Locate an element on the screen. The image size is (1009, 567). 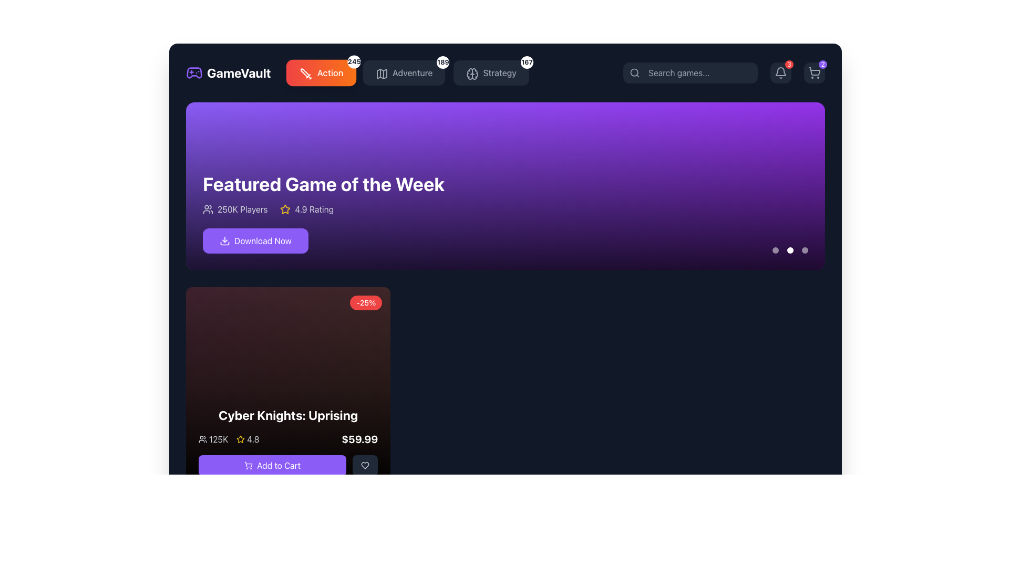
the category represented is located at coordinates (382, 73).